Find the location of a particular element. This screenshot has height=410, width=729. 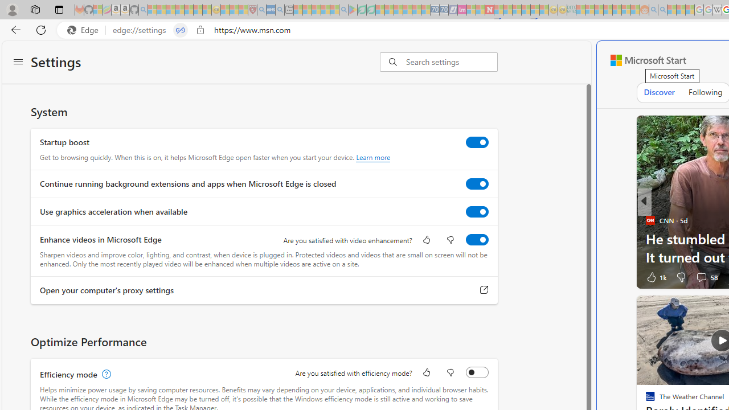

'Settings menu' is located at coordinates (18, 63).